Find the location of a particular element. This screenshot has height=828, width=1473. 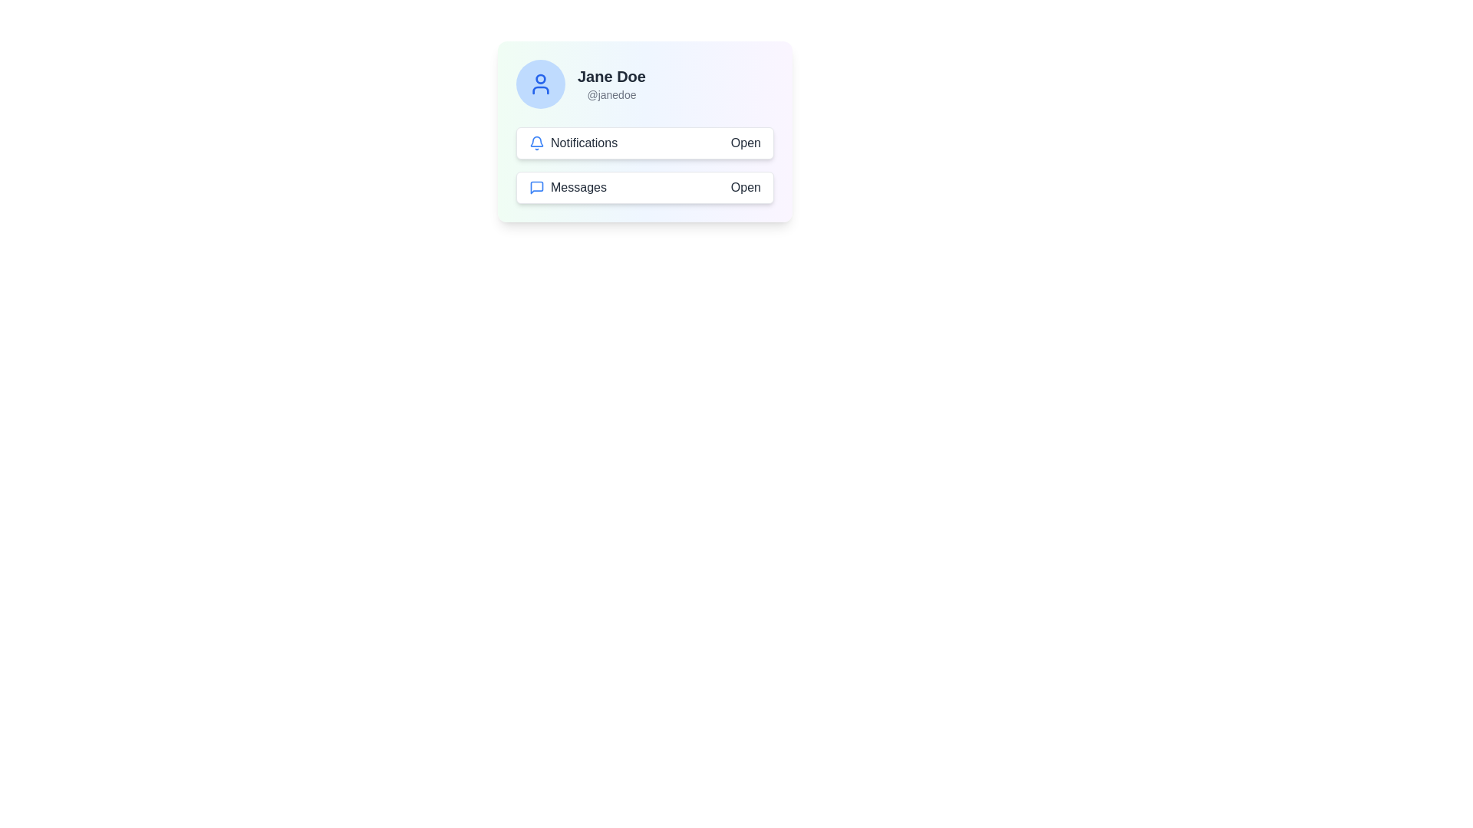

the user avatar icon, which features a simplistic representation of a person with a circular head and torso, styled with blue strokes within a circular background is located at coordinates (541, 84).